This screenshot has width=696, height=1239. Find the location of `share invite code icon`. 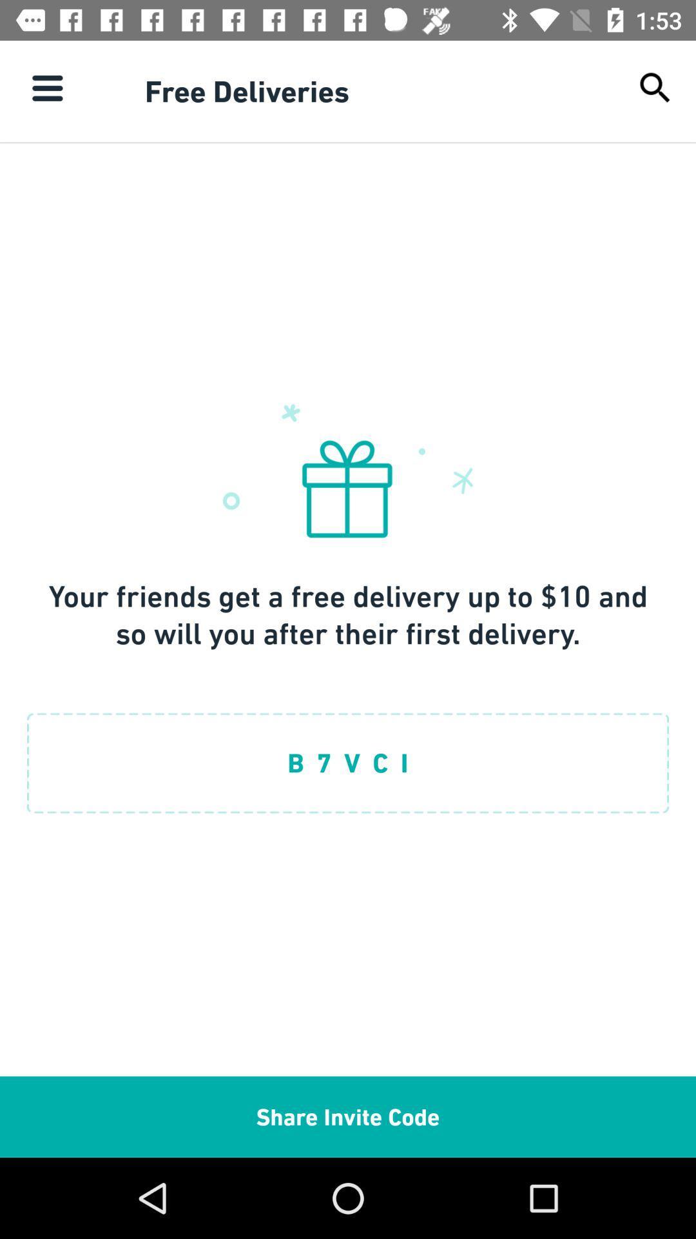

share invite code icon is located at coordinates (348, 1116).